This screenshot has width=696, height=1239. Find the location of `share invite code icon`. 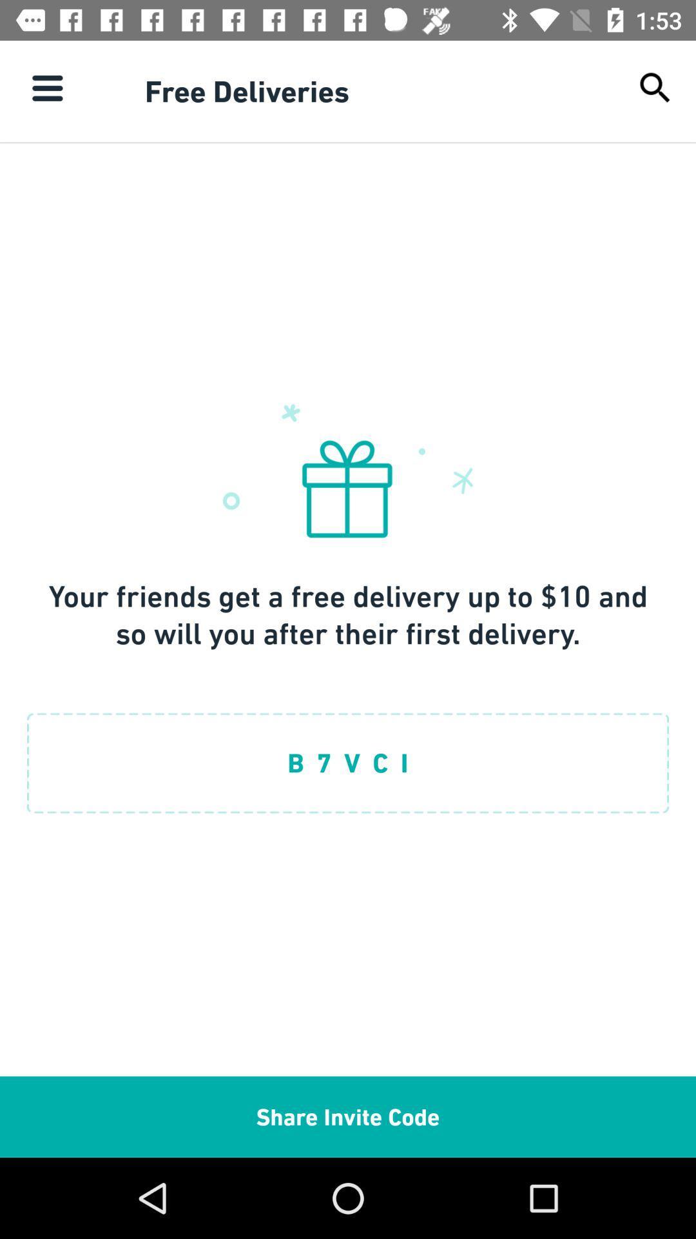

share invite code icon is located at coordinates (348, 1116).